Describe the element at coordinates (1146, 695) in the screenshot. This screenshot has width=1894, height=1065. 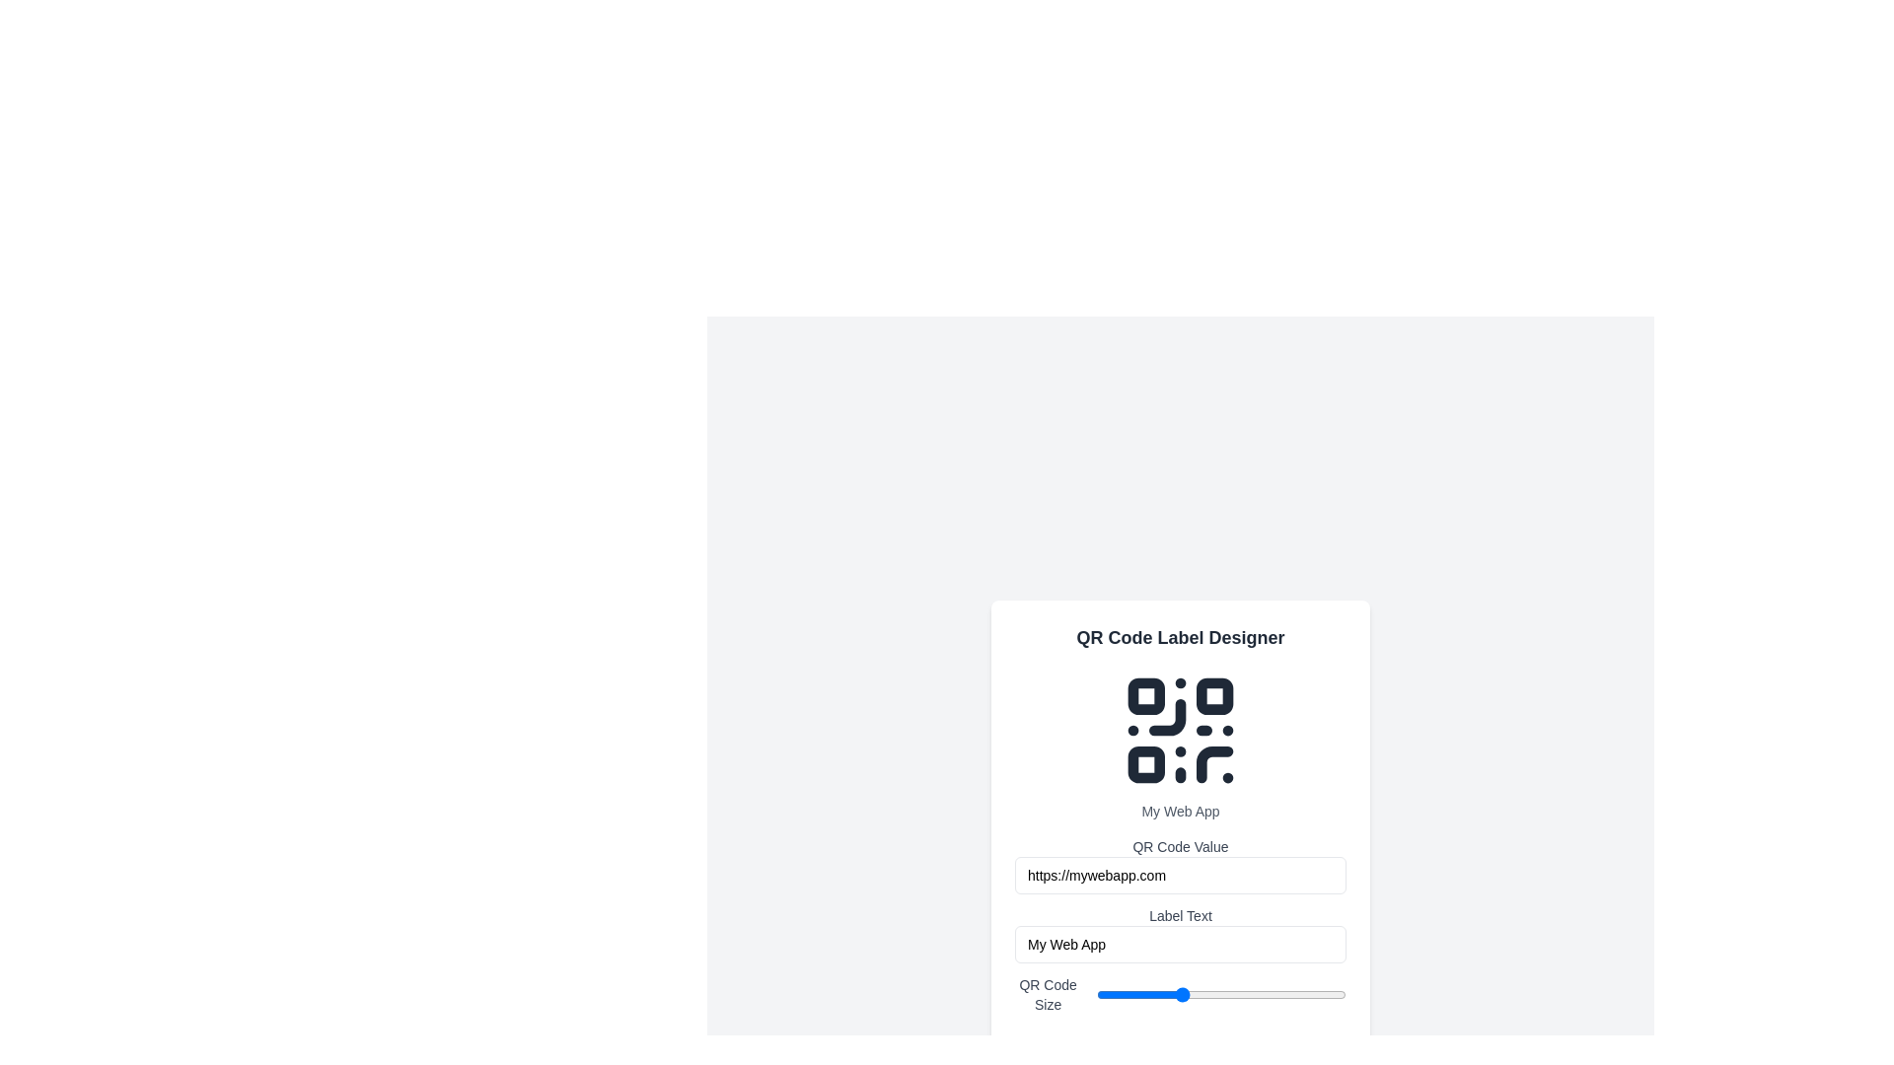
I see `the small square with rounded corners located in the upper-left segment of the QR code icon within the 'QR Code Label Designer' interface` at that location.